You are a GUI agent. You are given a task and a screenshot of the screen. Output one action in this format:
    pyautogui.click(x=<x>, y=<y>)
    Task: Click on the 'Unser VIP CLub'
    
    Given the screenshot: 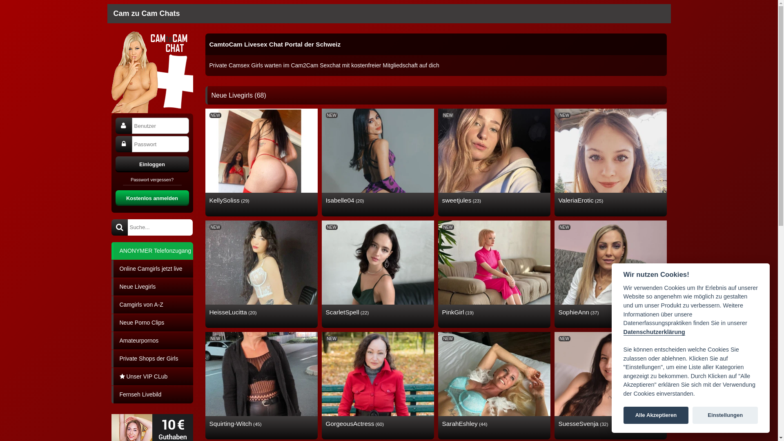 What is the action you would take?
    pyautogui.click(x=111, y=376)
    